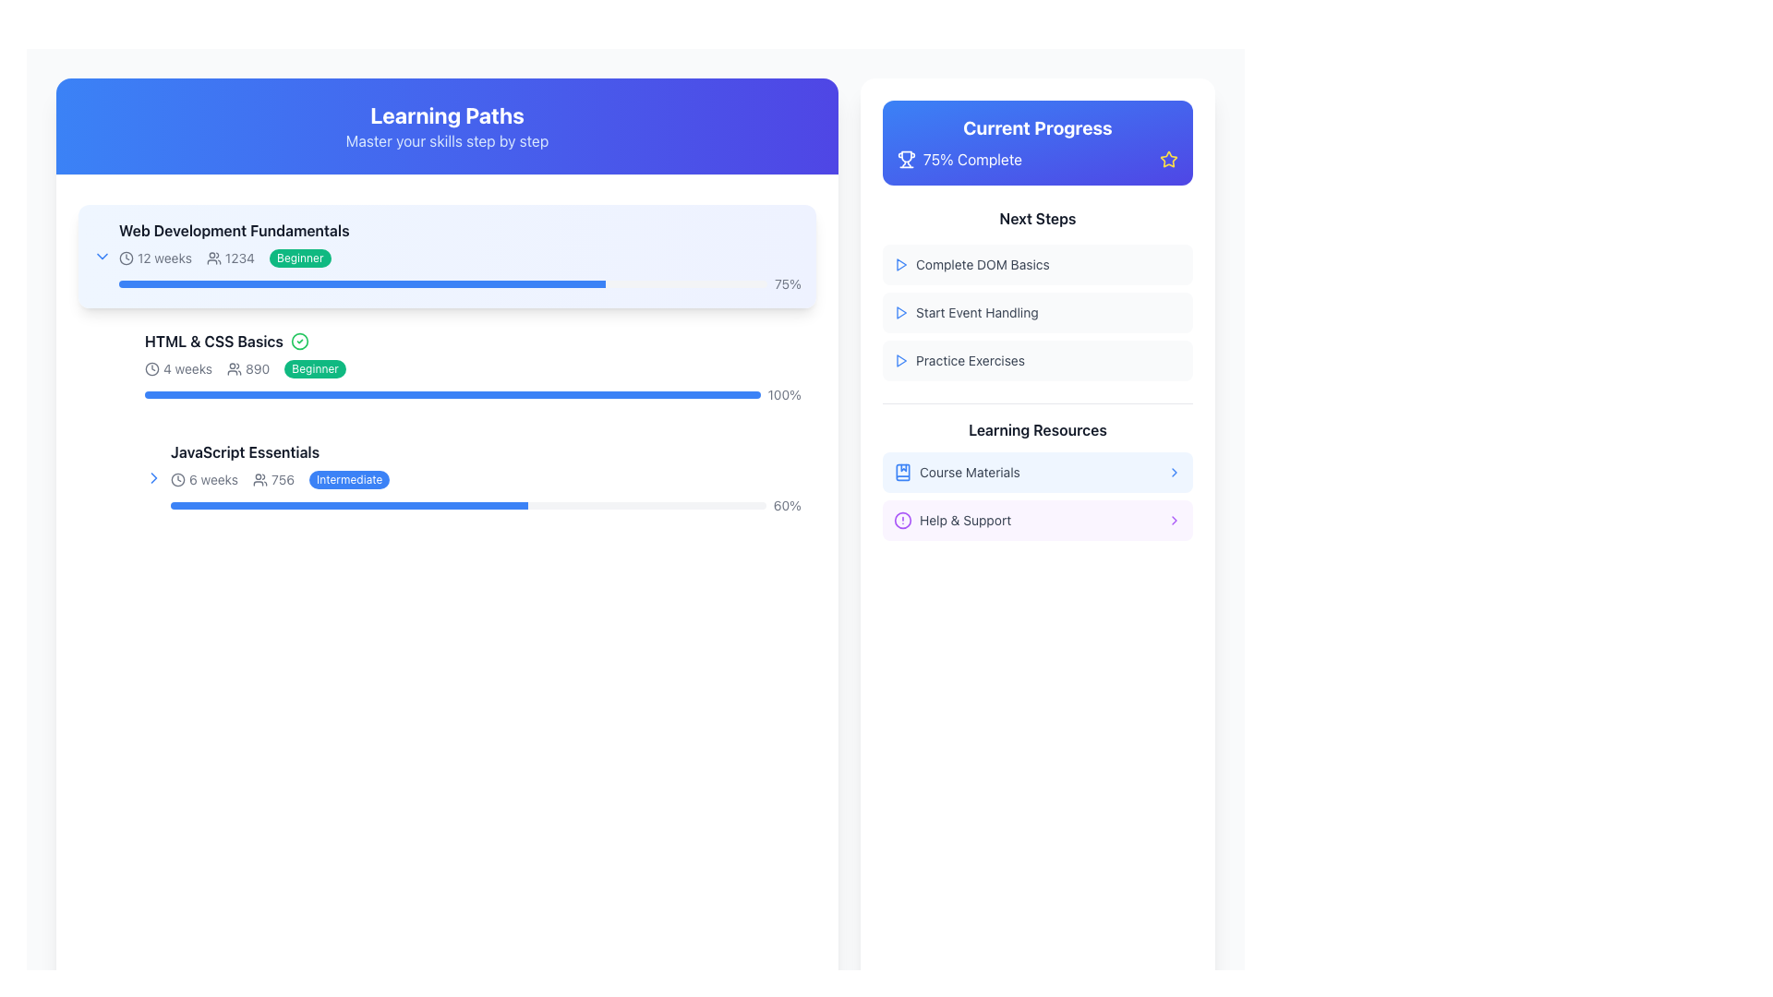 This screenshot has width=1773, height=997. Describe the element at coordinates (443, 284) in the screenshot. I see `the horizontal progress bar indicating 75% completion in the 'Web Development Fundamentals' section under 'Learning Paths'` at that location.